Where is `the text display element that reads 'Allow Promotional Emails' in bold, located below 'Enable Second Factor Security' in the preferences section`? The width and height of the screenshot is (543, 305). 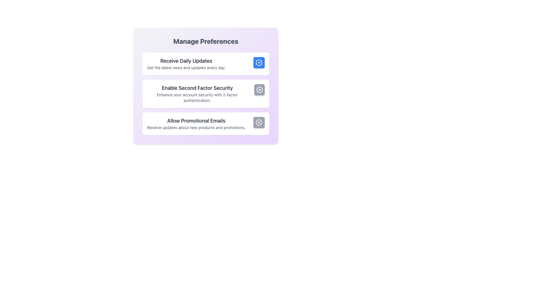
the text display element that reads 'Allow Promotional Emails' in bold, located below 'Enable Second Factor Security' in the preferences section is located at coordinates (196, 123).